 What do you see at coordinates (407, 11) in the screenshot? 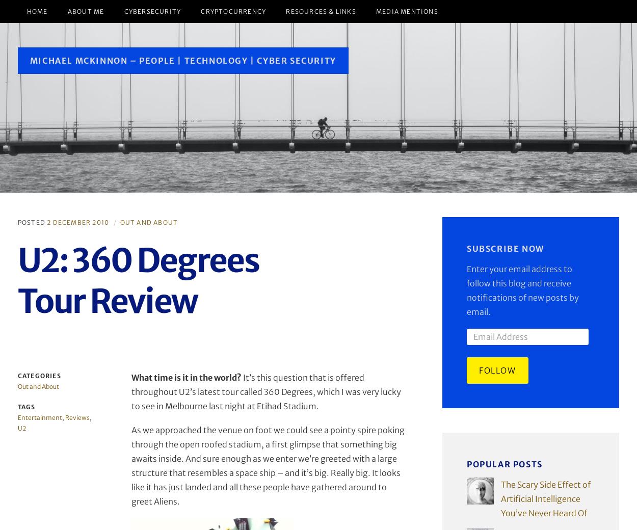
I see `'Media Mentions'` at bounding box center [407, 11].